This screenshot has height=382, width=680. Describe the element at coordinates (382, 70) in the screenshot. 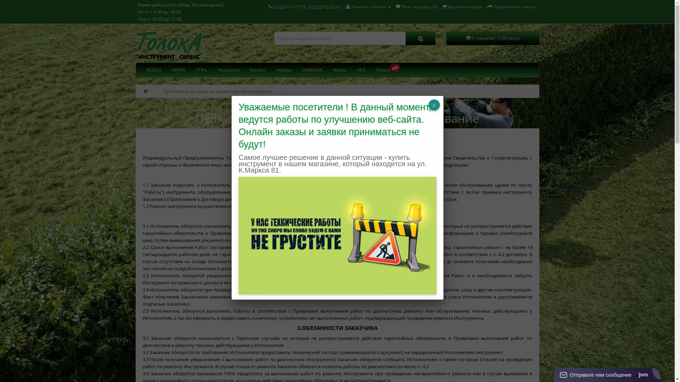

I see `'Fiskars'` at that location.